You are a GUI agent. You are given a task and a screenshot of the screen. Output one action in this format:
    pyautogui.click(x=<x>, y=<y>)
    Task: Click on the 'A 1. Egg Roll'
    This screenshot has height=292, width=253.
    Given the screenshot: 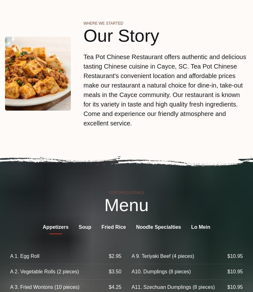 What is the action you would take?
    pyautogui.click(x=25, y=256)
    